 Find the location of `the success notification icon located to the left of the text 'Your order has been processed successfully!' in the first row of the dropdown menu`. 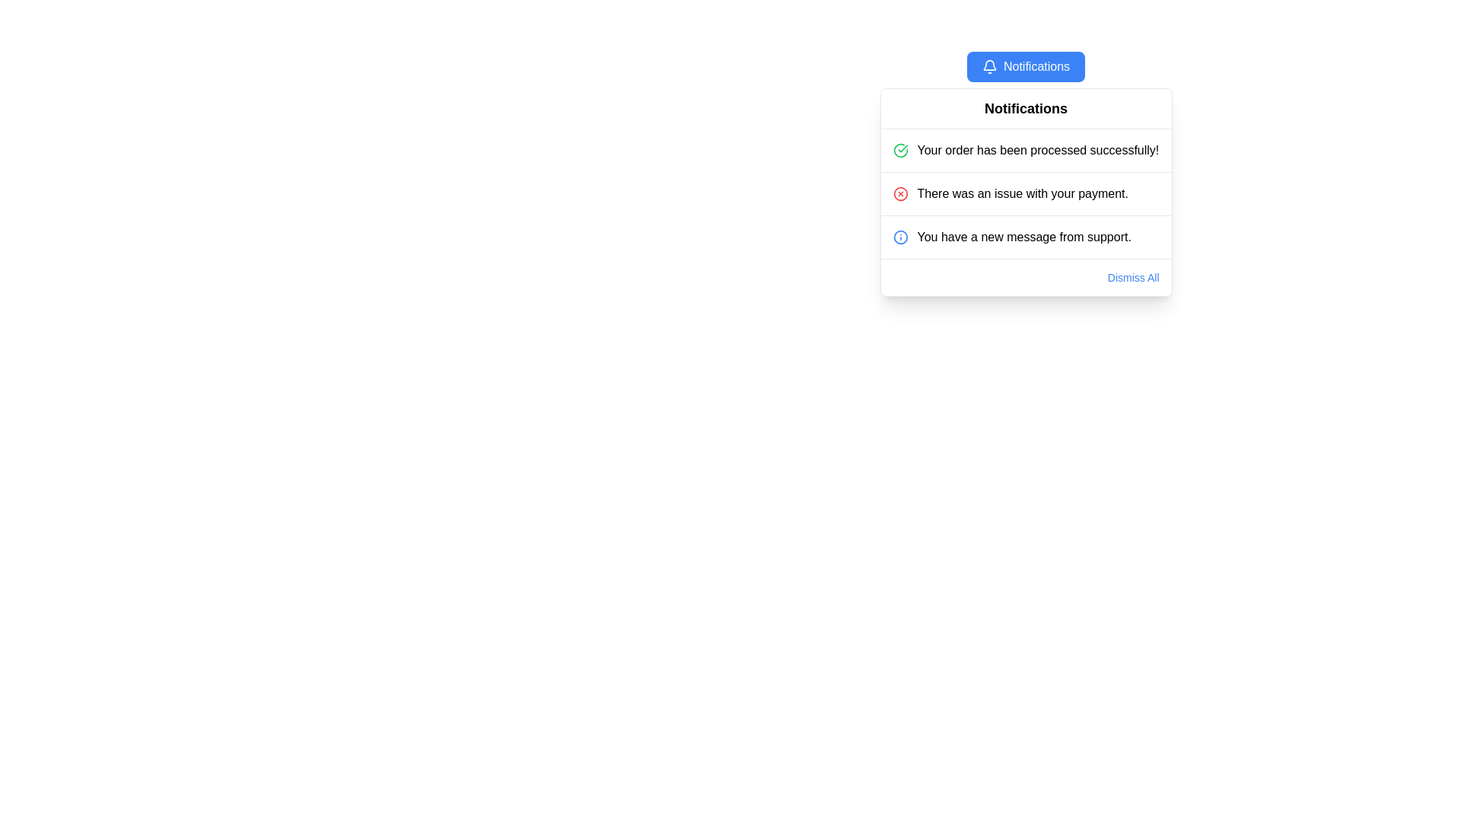

the success notification icon located to the left of the text 'Your order has been processed successfully!' in the first row of the dropdown menu is located at coordinates (900, 150).